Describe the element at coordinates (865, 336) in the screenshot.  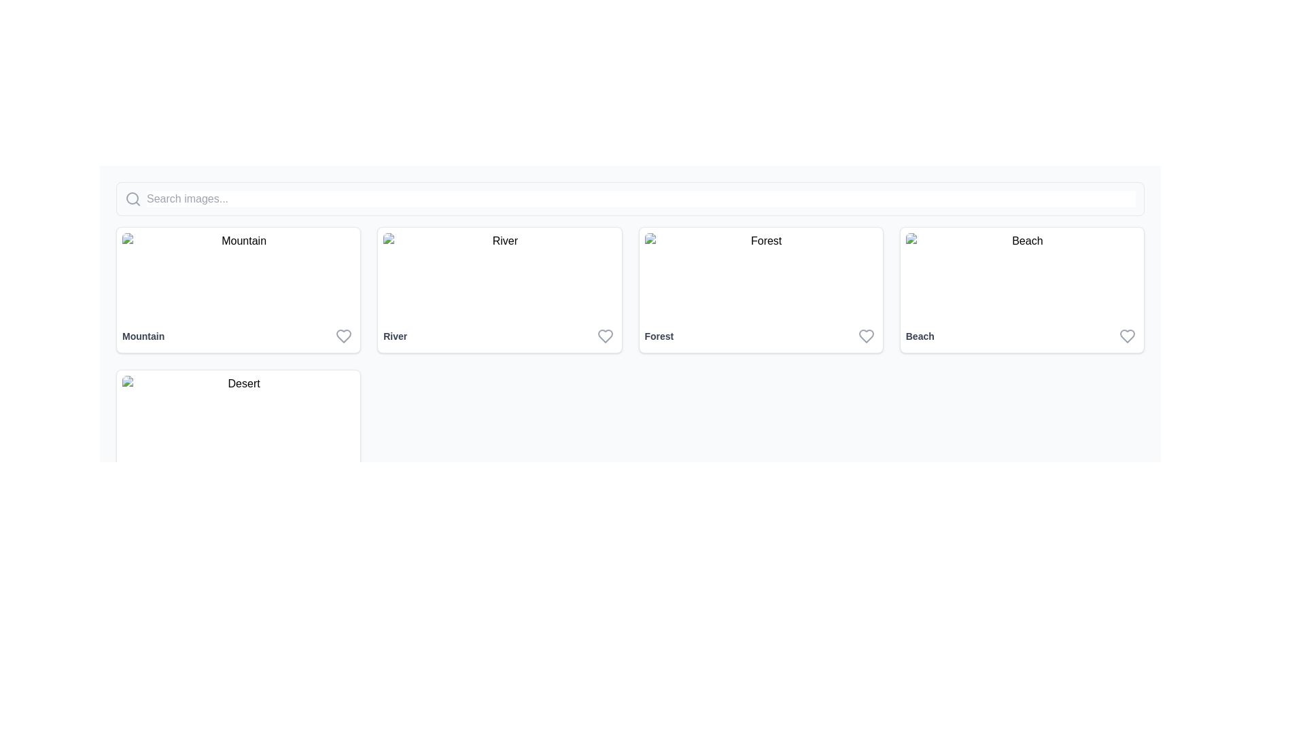
I see `the heart-shaped button with an outlined design located at the top-right corner of the 'Forest' card to check for a response` at that location.